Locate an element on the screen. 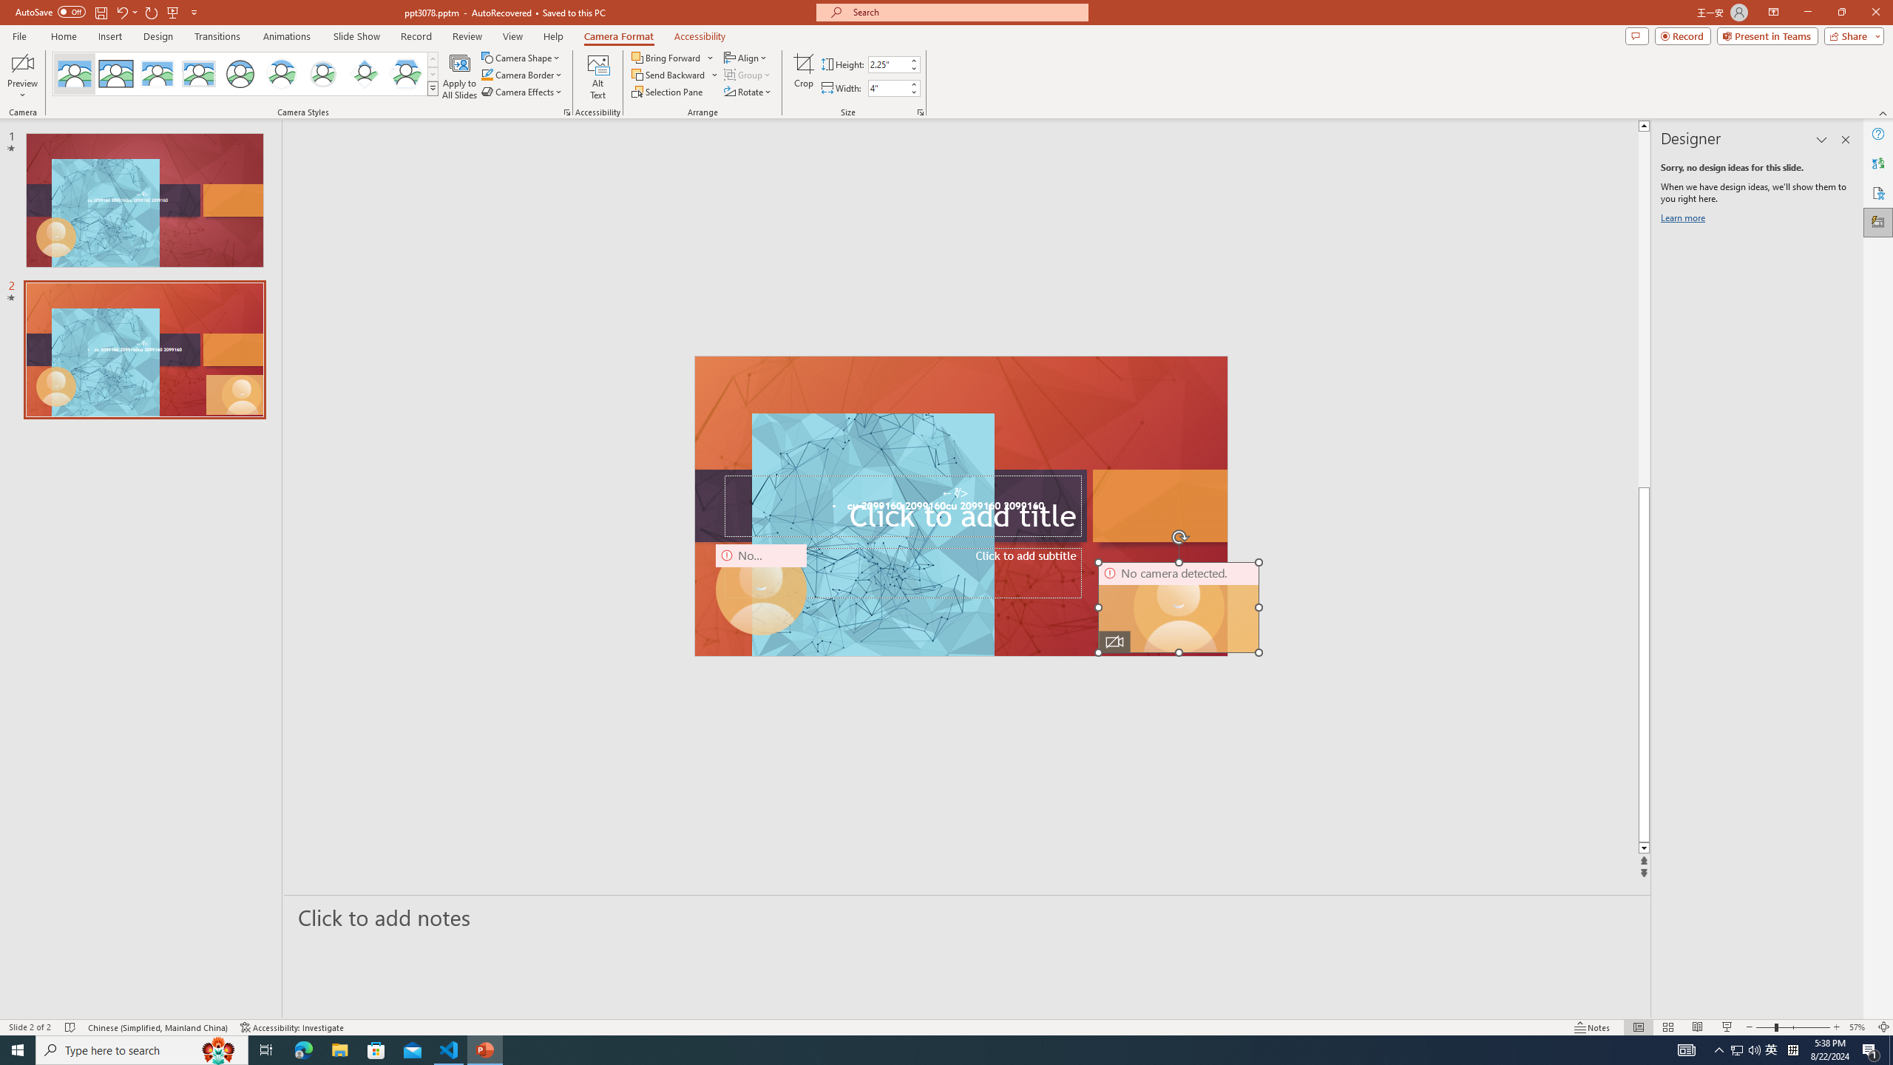  'Apply to All Slides' is located at coordinates (459, 76).